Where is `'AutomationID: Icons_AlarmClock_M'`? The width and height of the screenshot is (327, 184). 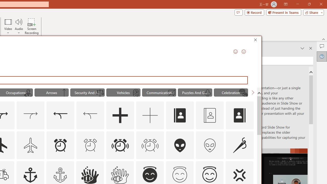
'AutomationID: Icons_AlarmClock_M' is located at coordinates (90, 145).